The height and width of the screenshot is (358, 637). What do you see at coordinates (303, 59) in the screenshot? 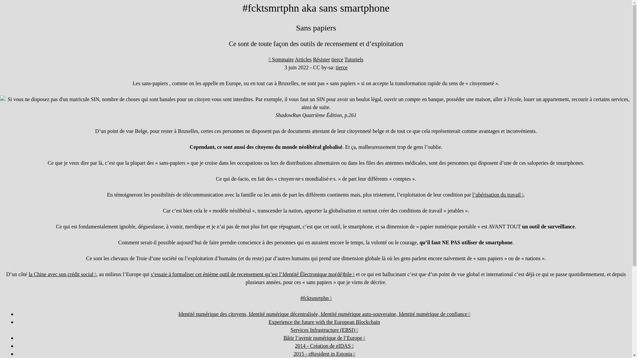
I see `'Articles'` at bounding box center [303, 59].